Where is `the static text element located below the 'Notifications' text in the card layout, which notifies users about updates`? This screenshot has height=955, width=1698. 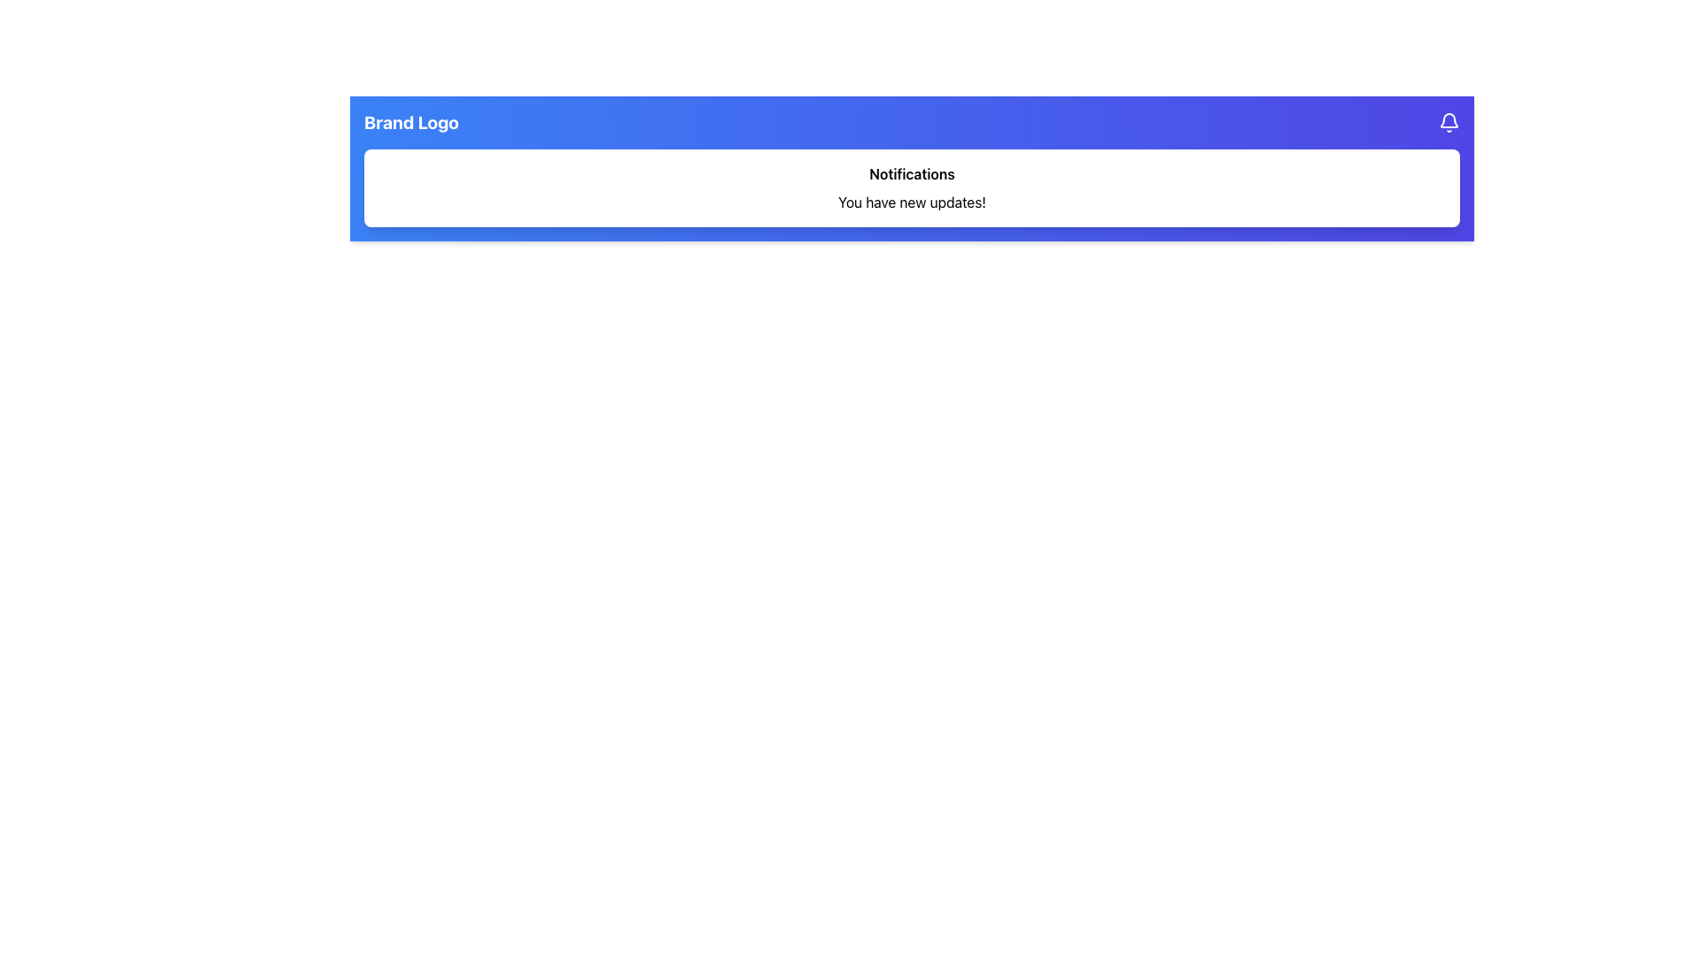 the static text element located below the 'Notifications' text in the card layout, which notifies users about updates is located at coordinates (912, 201).